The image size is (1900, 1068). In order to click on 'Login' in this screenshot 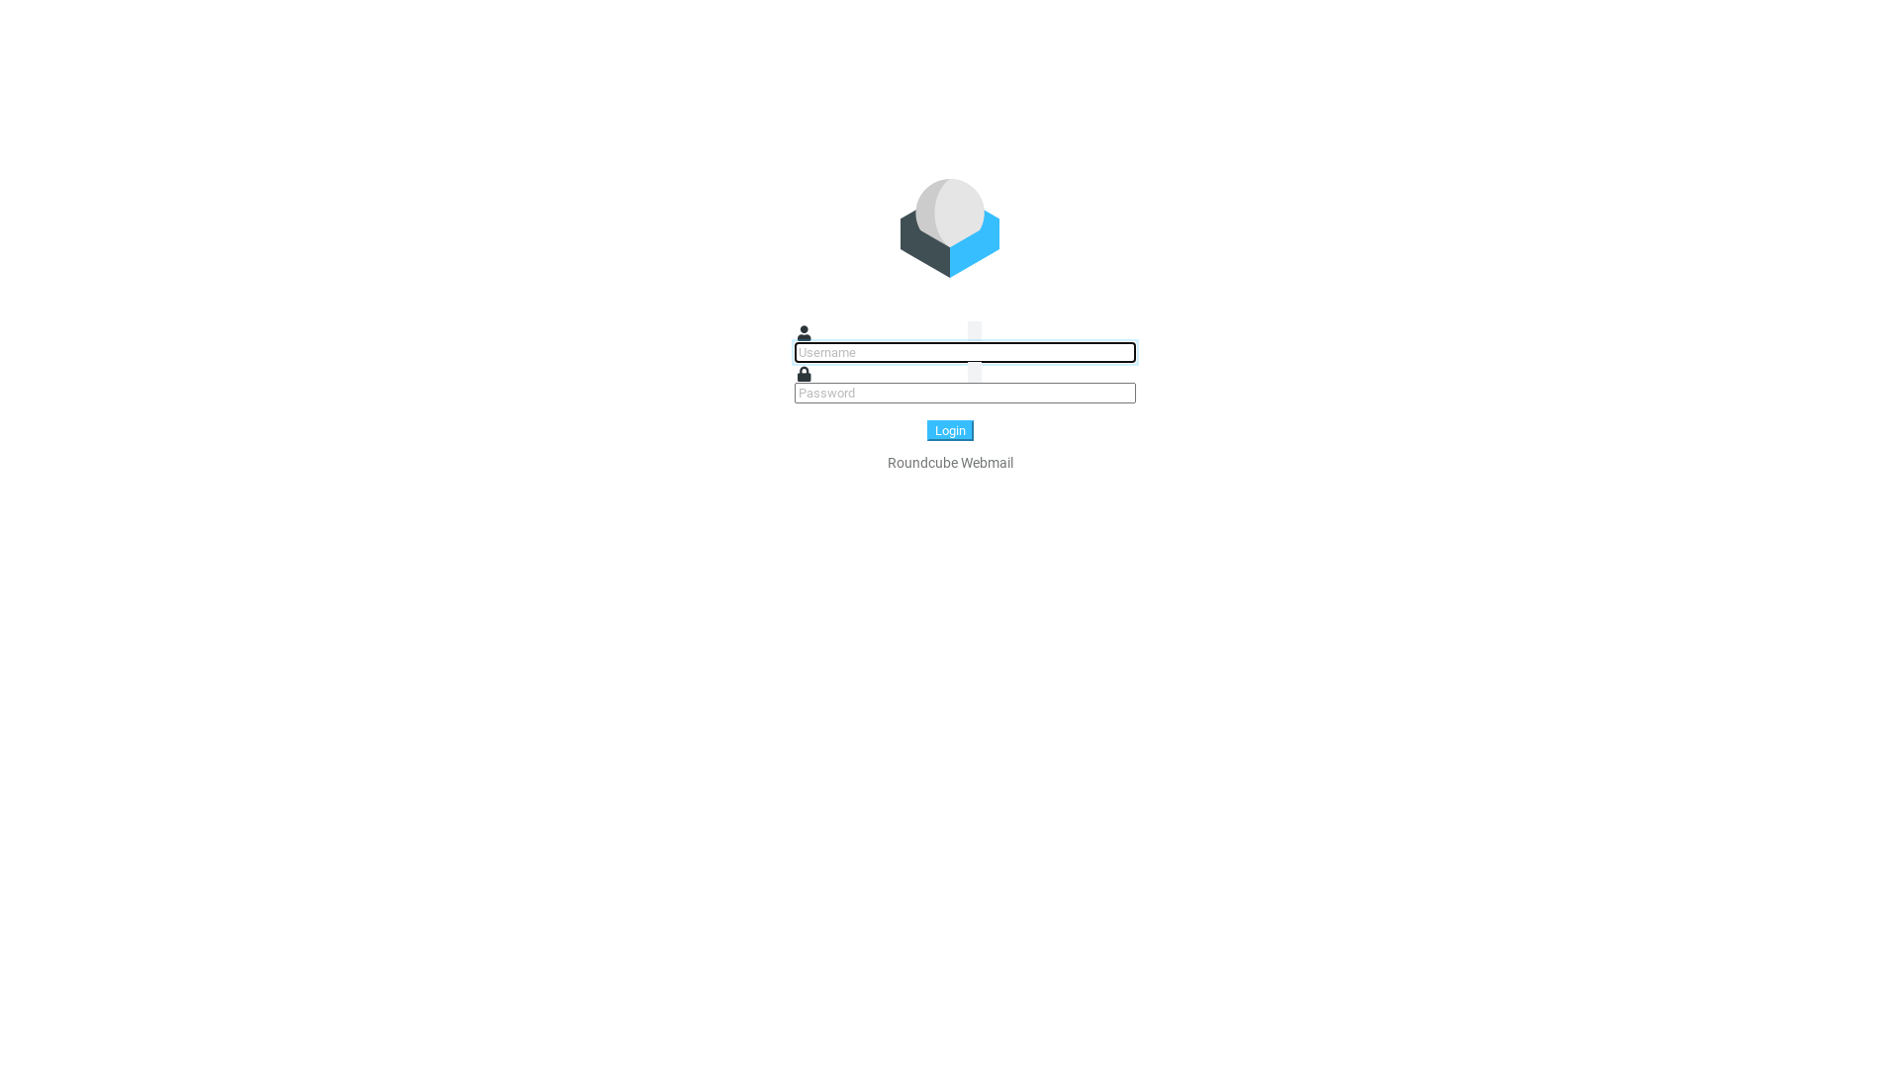, I will do `click(948, 429)`.